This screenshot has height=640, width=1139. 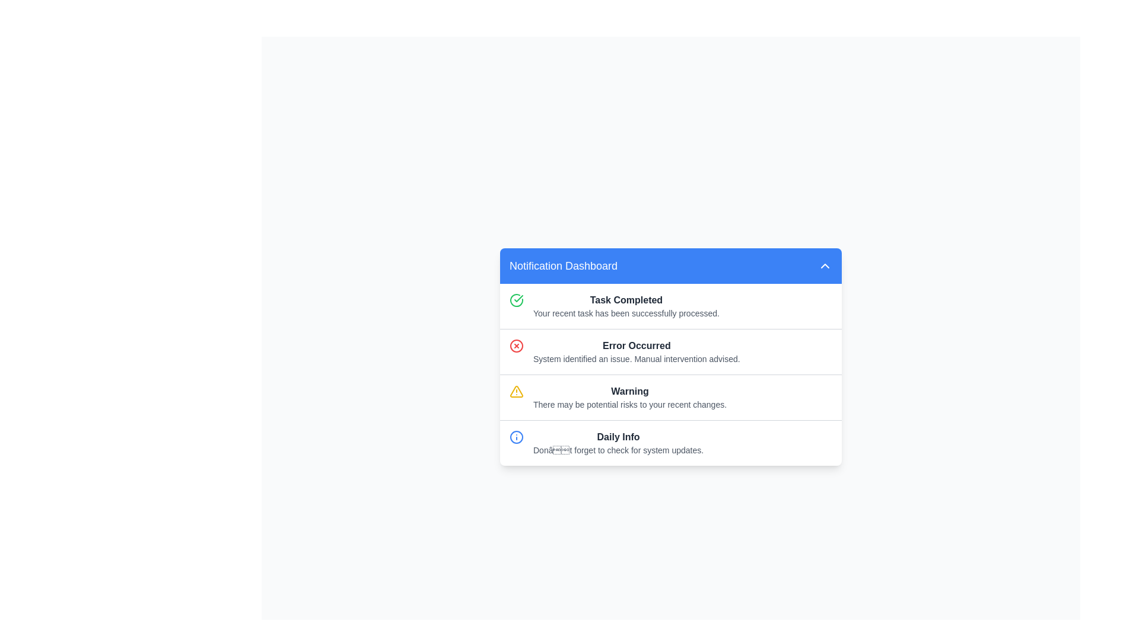 What do you see at coordinates (636, 358) in the screenshot?
I see `the Text label that provides details about a system-detected issue, located directly below the 'Error Occurred' heading in the 'Notification Dashboard'` at bounding box center [636, 358].